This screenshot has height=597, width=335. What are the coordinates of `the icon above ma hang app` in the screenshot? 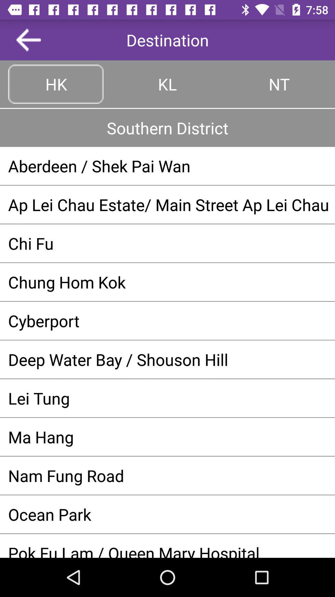 It's located at (167, 398).